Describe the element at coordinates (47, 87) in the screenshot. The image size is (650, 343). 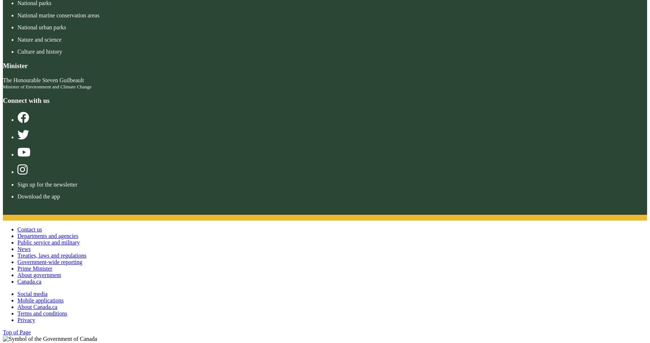
I see `'Minister of Environment and Climate Change'` at that location.